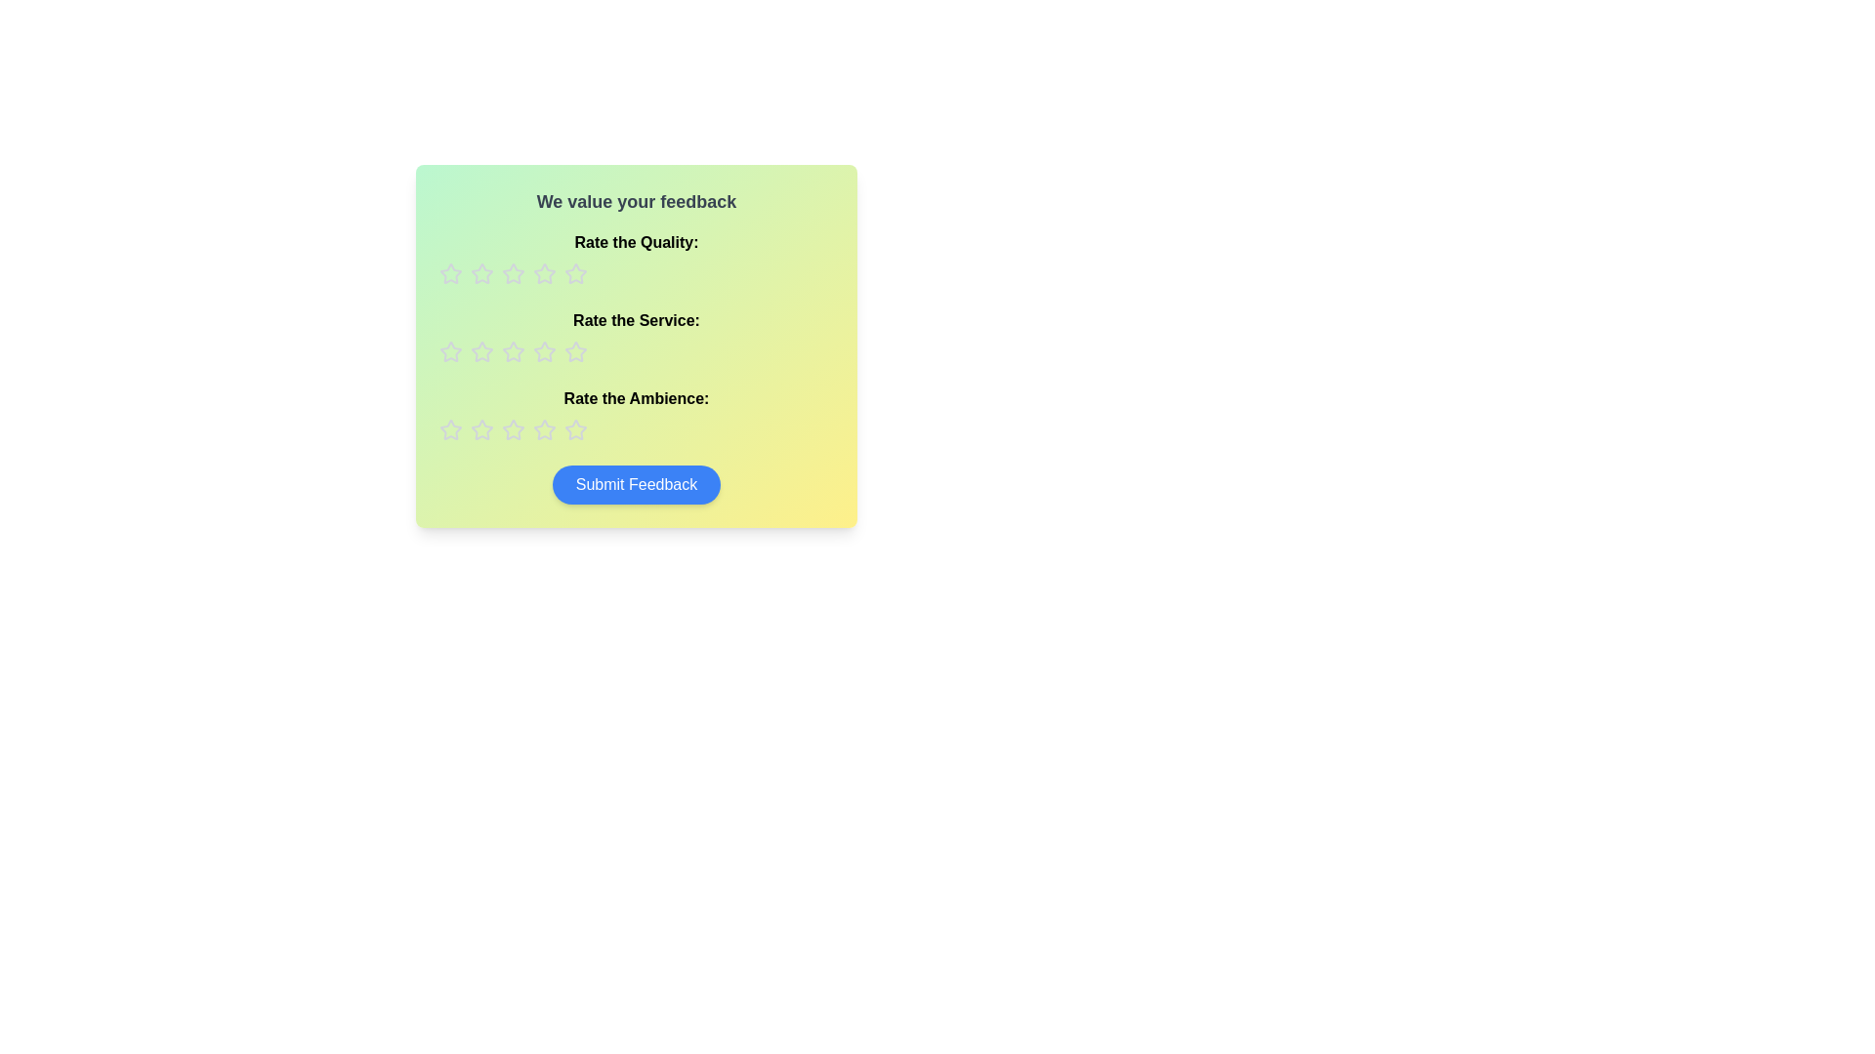 This screenshot has height=1054, width=1875. I want to click on the star icons in the Rating component, so click(637, 274).